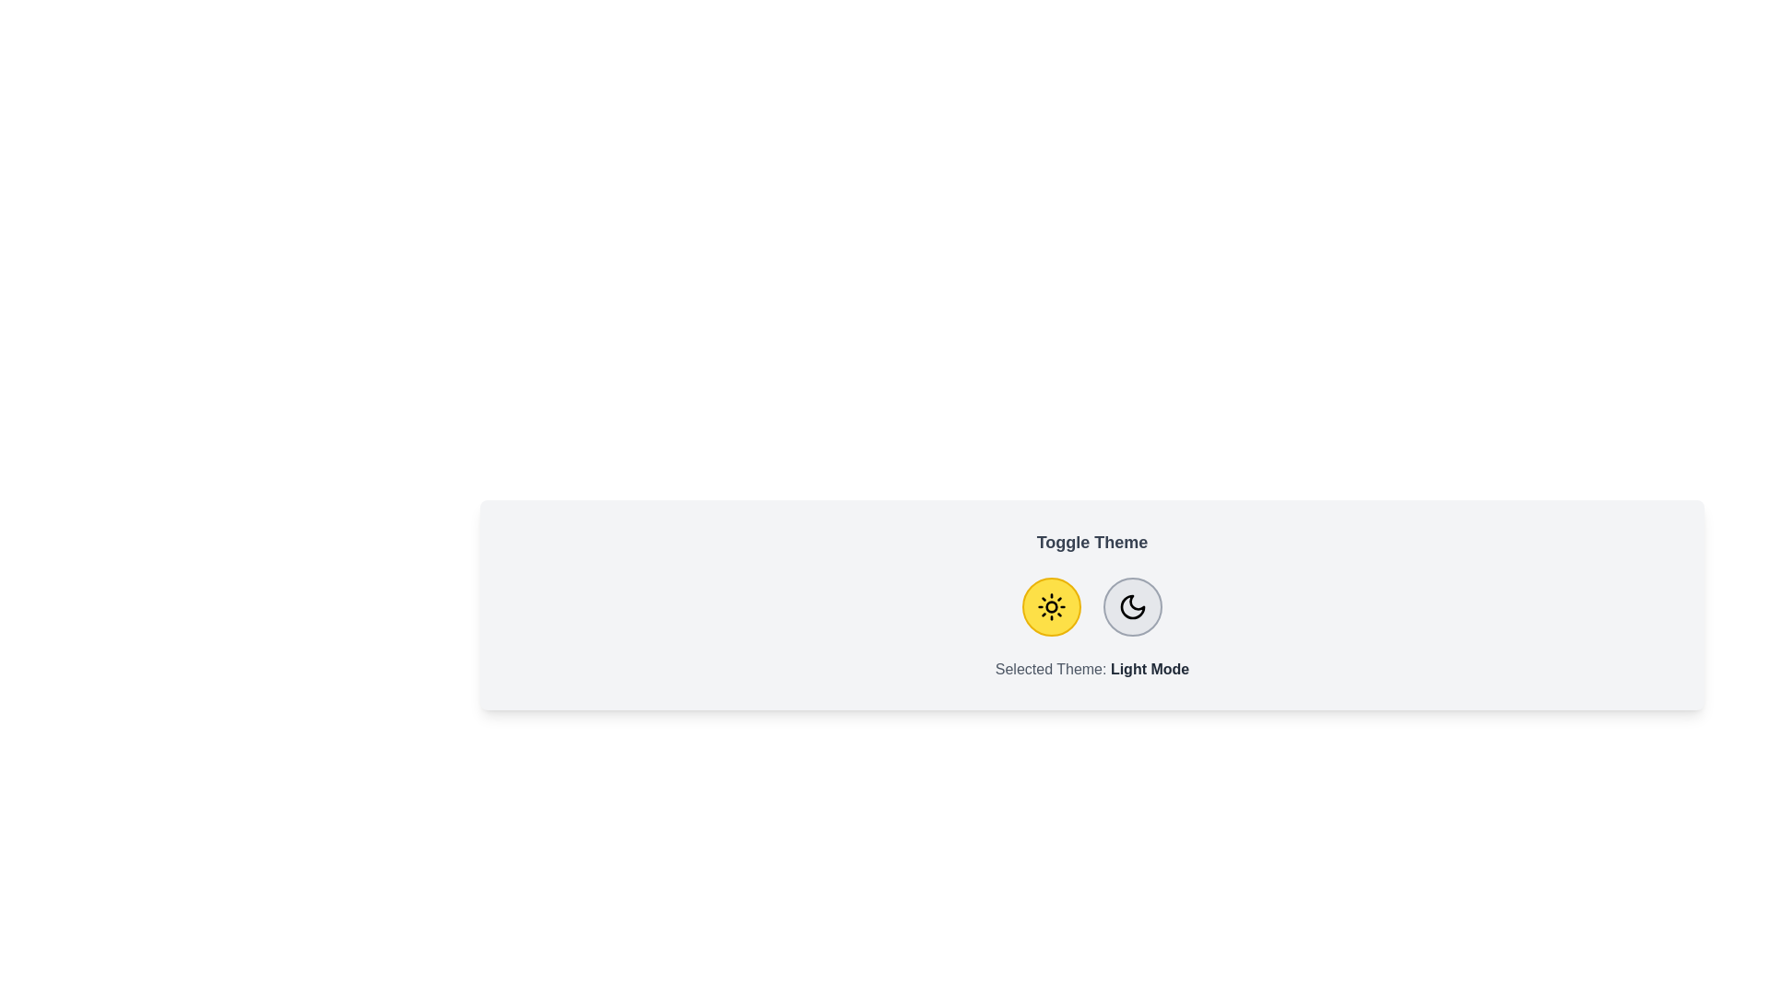  Describe the element at coordinates (1131, 607) in the screenshot. I see `the dark button to observe its hover effect` at that location.